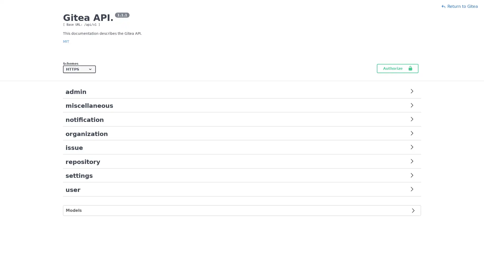 The image size is (484, 272). I want to click on Authorize, so click(397, 69).